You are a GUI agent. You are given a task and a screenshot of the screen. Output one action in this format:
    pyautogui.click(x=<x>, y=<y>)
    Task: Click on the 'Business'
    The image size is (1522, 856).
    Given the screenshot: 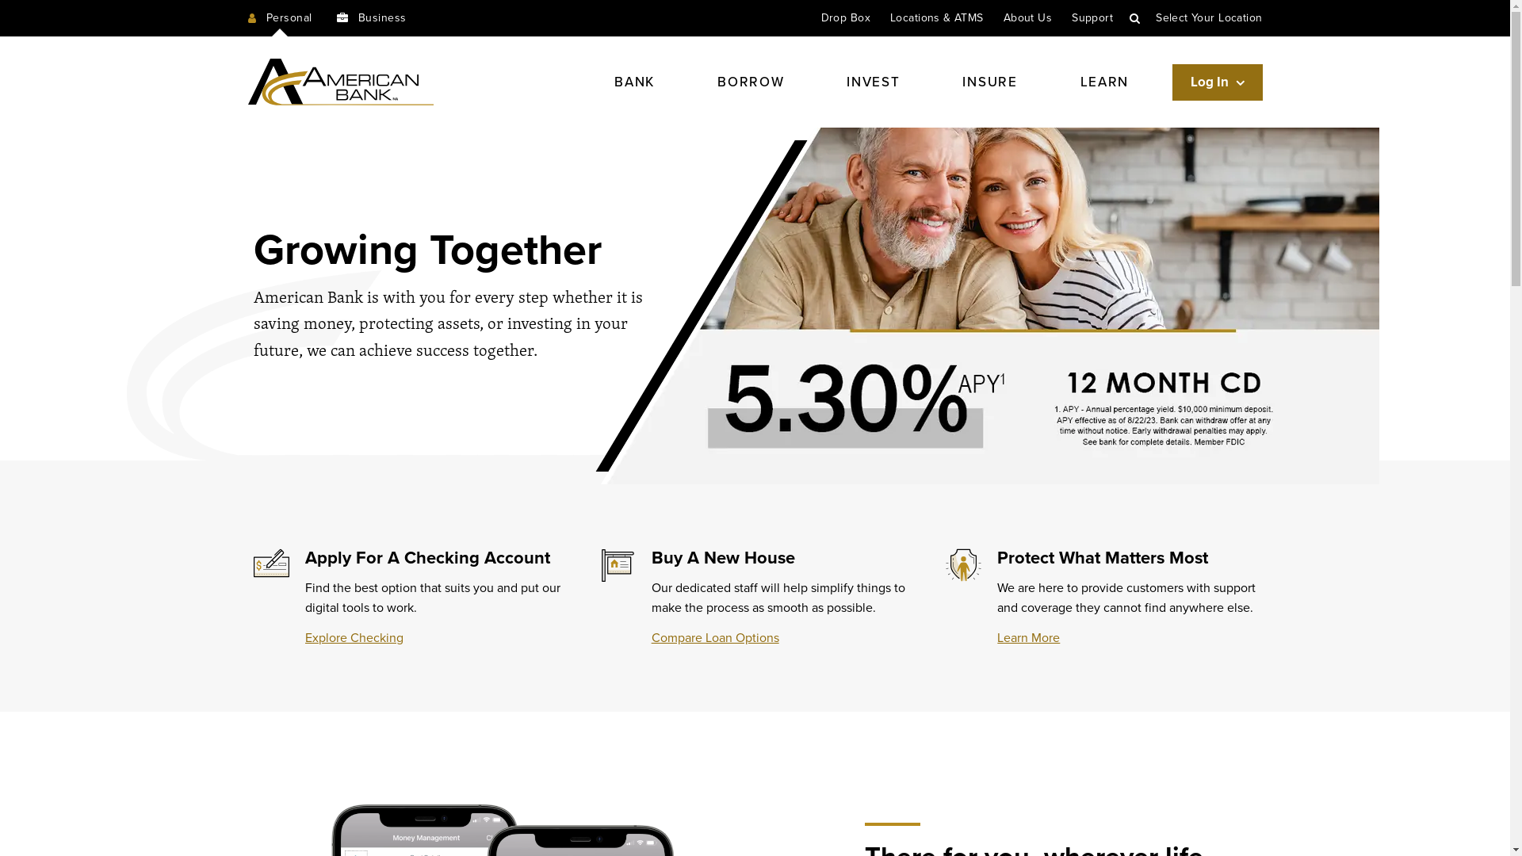 What is the action you would take?
    pyautogui.click(x=370, y=18)
    